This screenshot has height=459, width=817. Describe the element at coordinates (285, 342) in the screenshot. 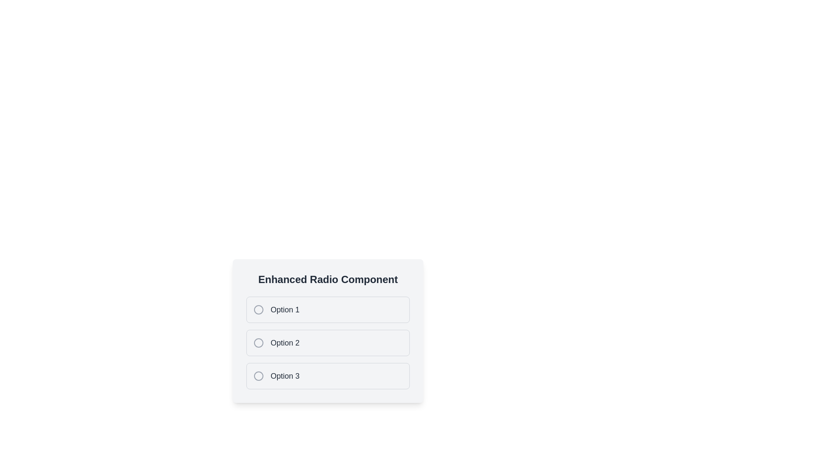

I see `the static text label 'Option 2', which is the second item in a vertical list of radio button options, styled in medium weight dark gray, located to the right of the radio button icon` at that location.